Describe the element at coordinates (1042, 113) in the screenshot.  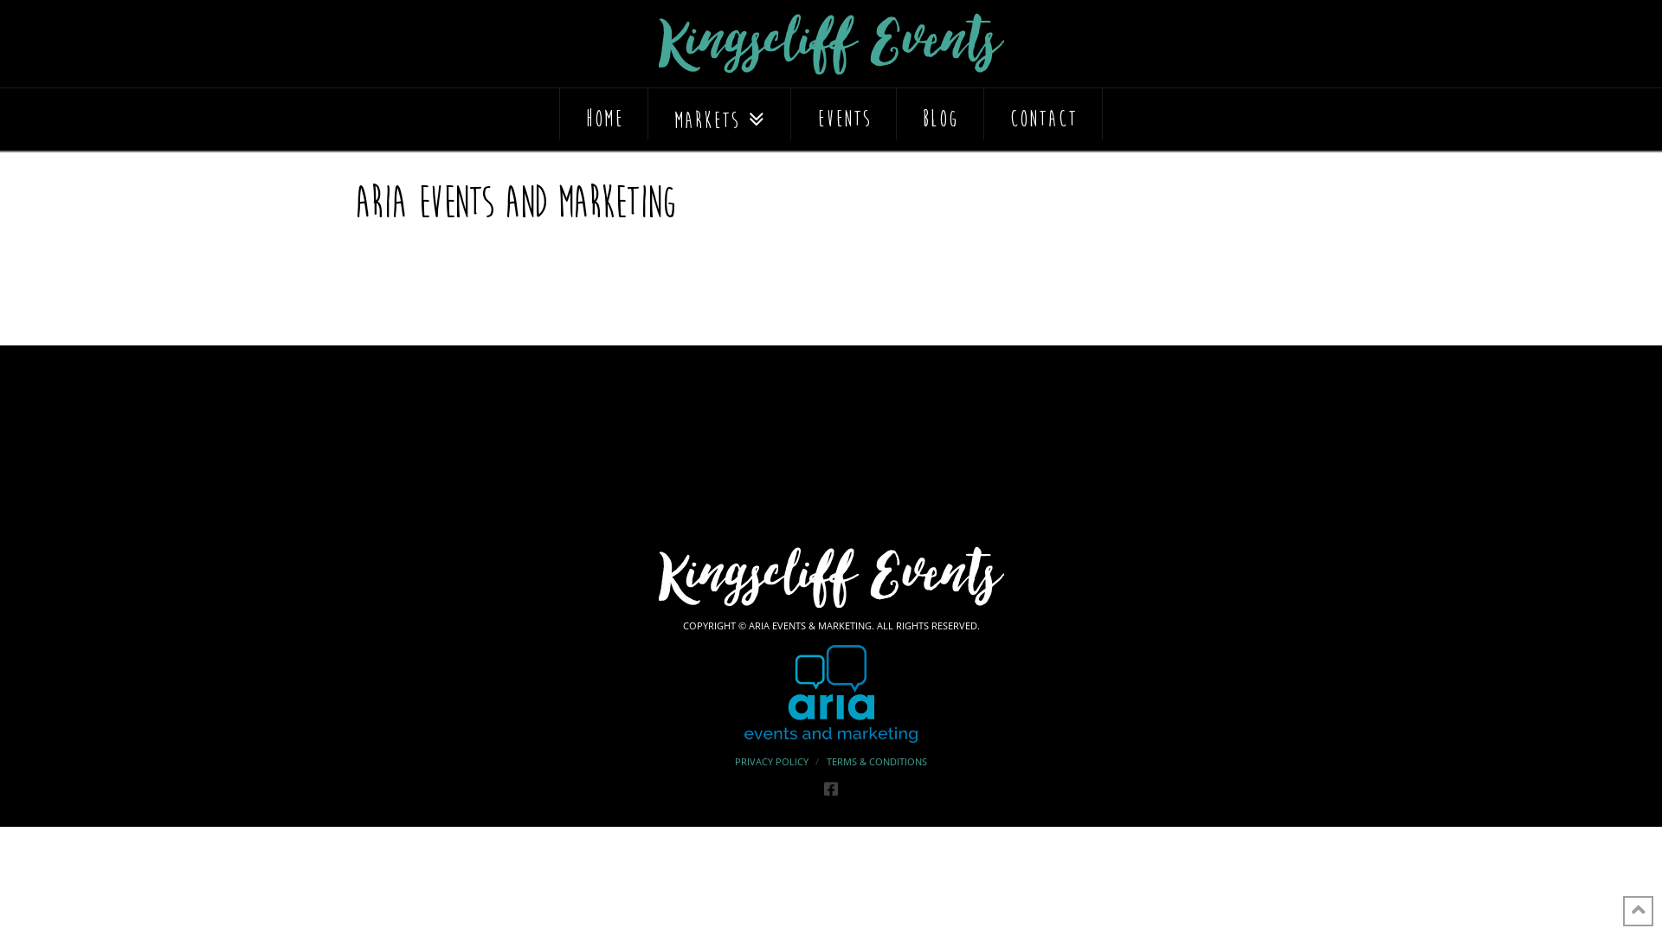
I see `'Contact'` at that location.